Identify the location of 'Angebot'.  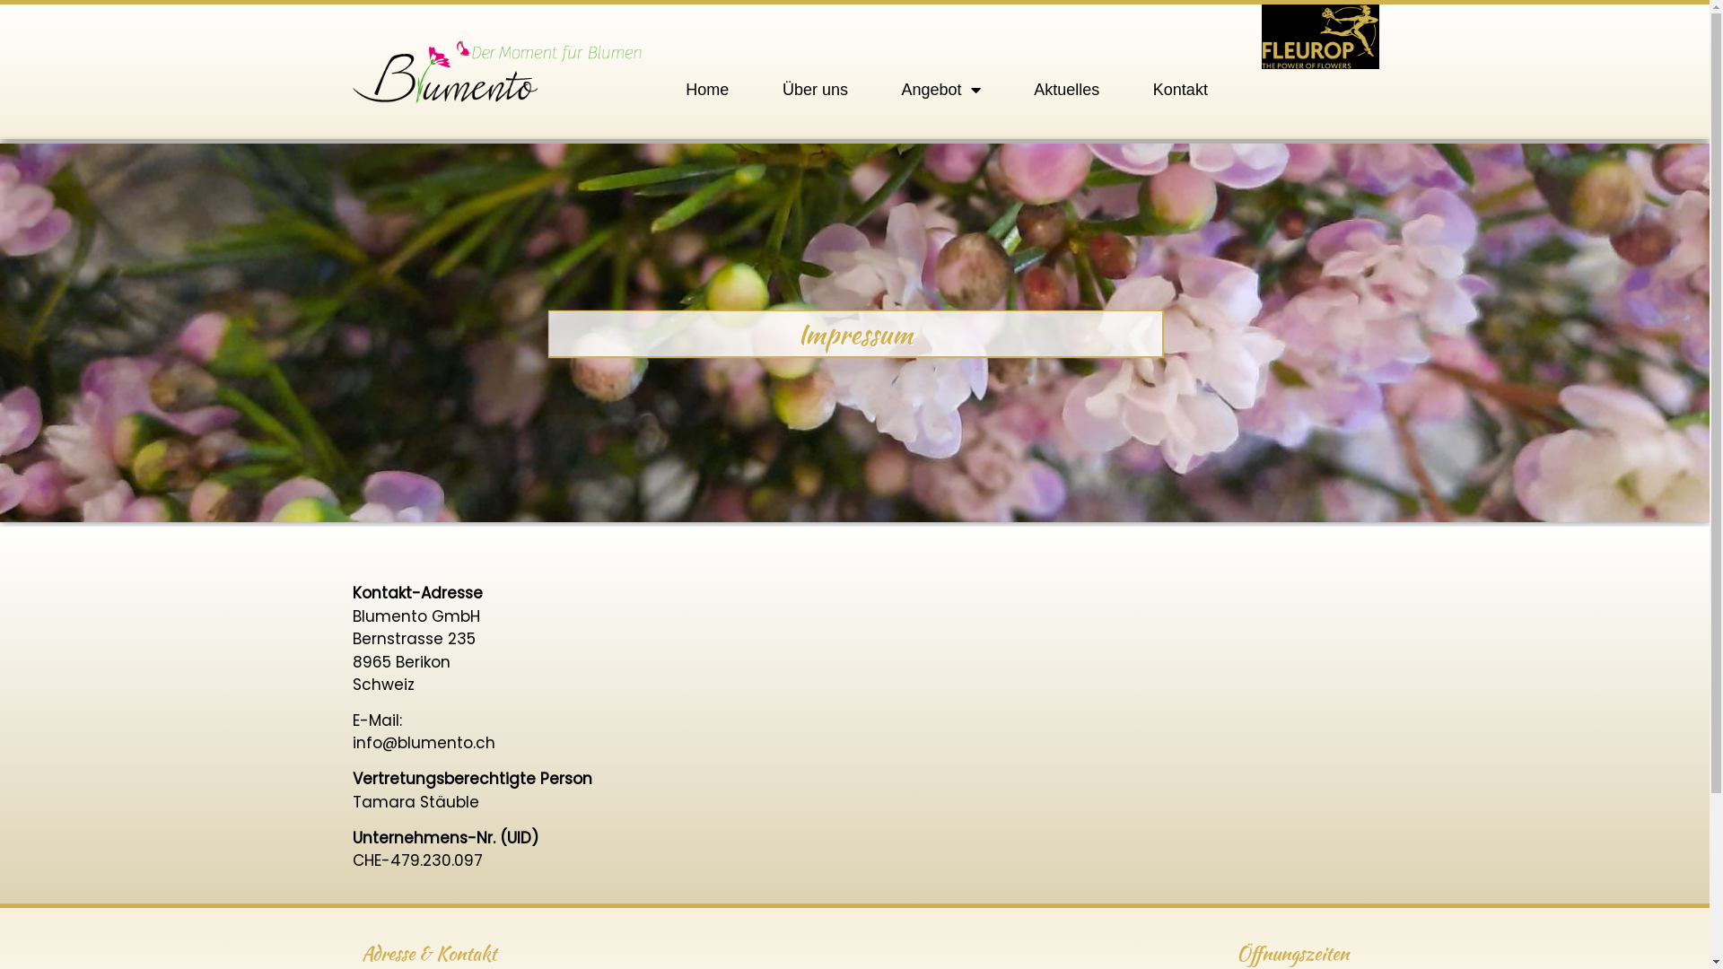
(874, 90).